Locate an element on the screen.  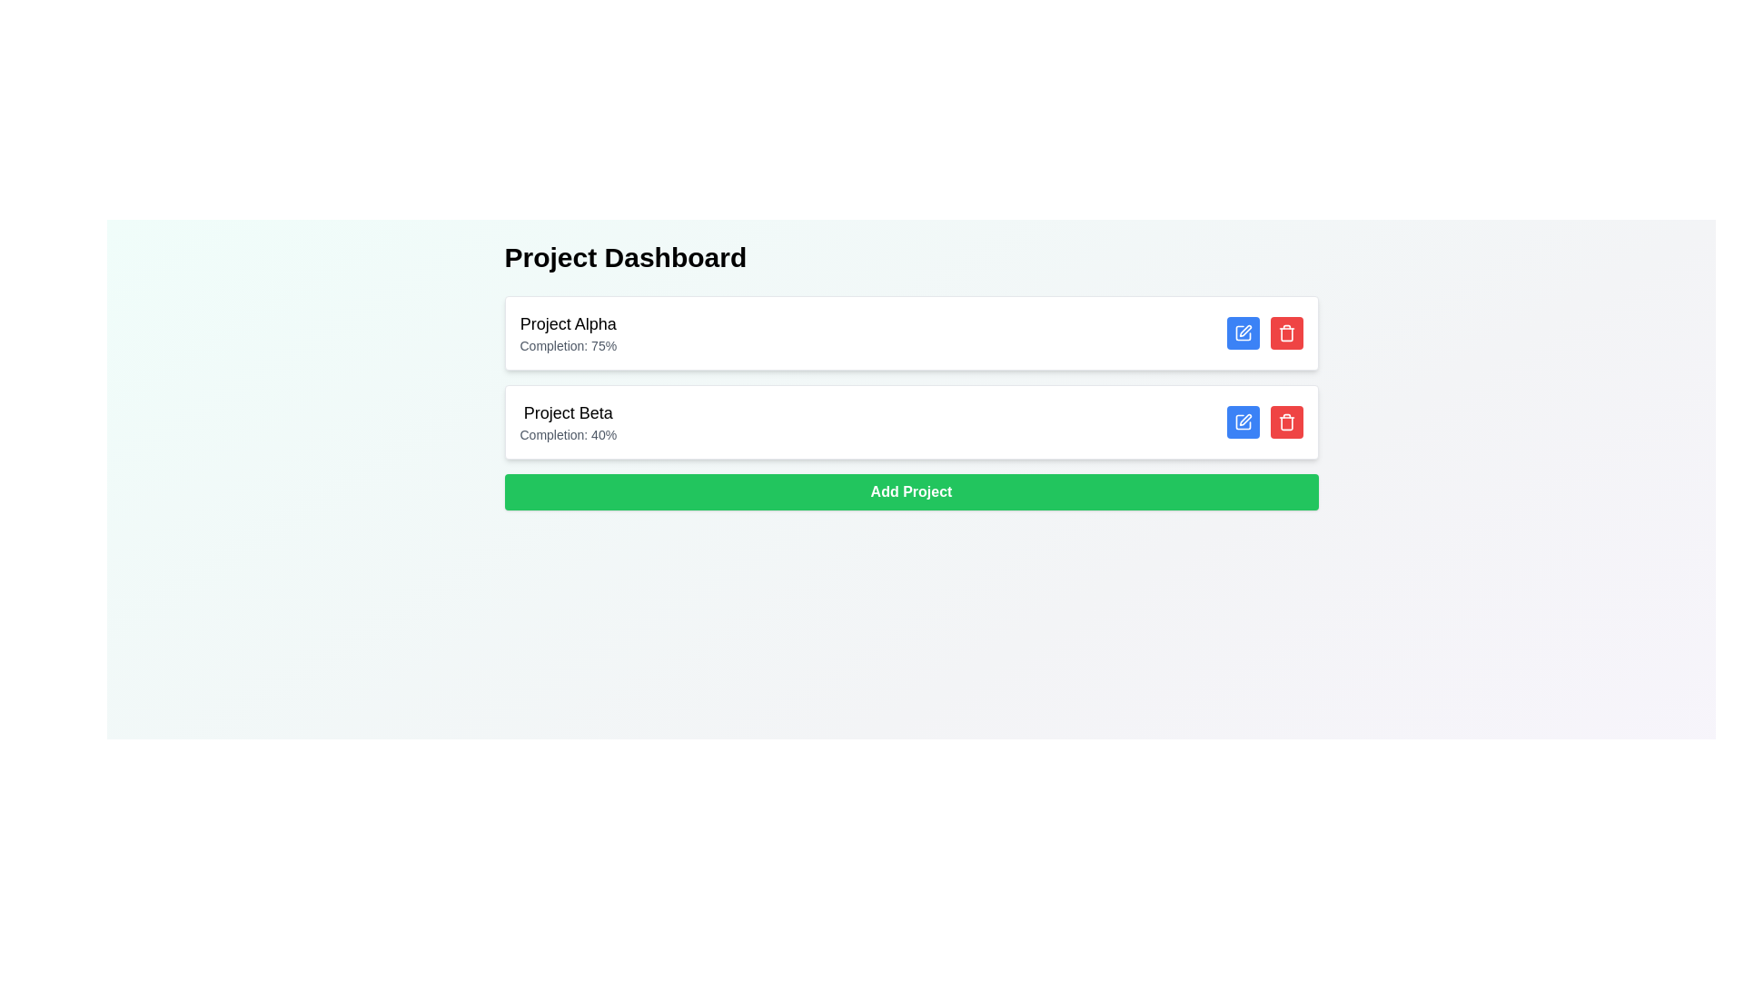
the delete icon within the red, rounded rectangular button on the right side of the 'Project Beta' card is located at coordinates (1285, 332).